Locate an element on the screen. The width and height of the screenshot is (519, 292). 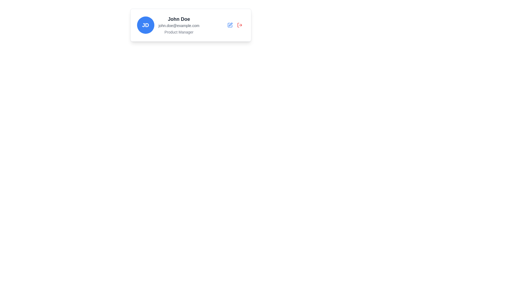
the red logout icon located at the top-right of the profile card is located at coordinates (235, 25).